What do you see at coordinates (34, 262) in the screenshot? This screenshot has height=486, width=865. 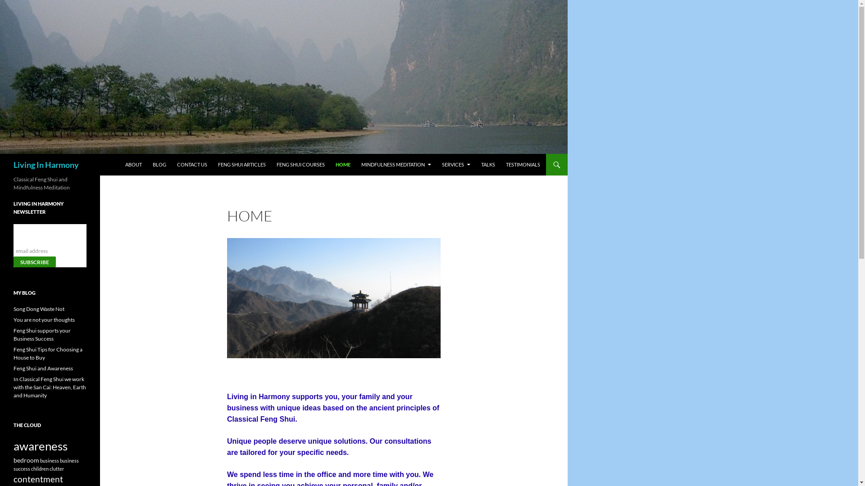 I see `'Subscribe'` at bounding box center [34, 262].